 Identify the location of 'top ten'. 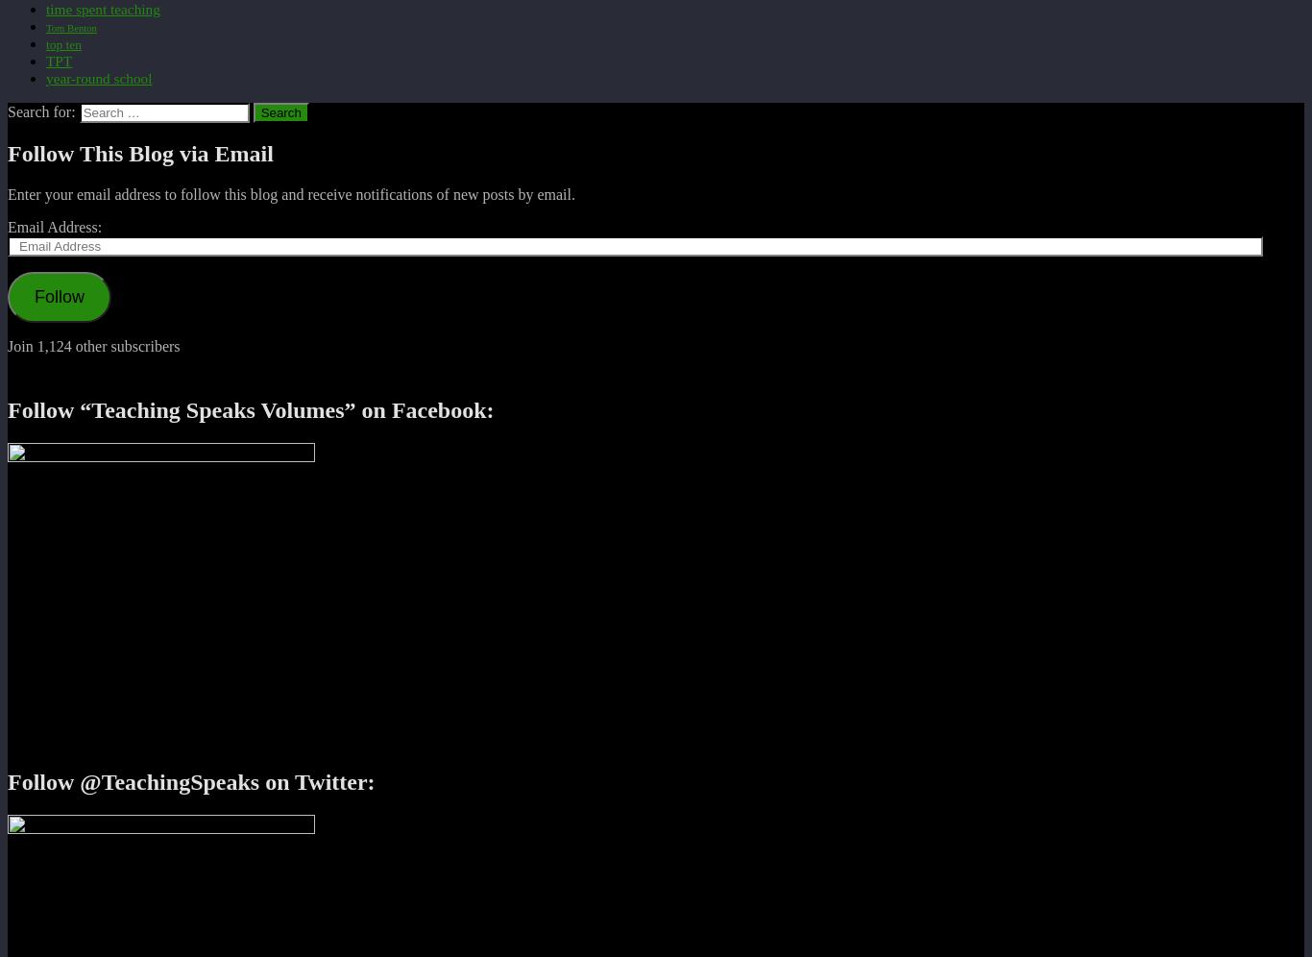
(62, 42).